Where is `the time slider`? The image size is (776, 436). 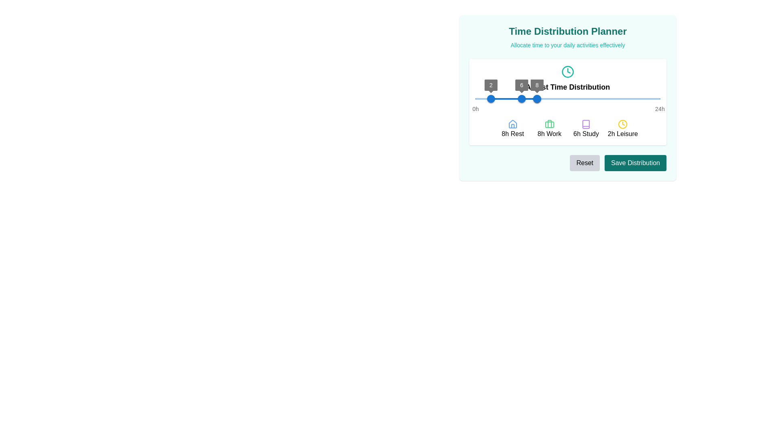 the time slider is located at coordinates (523, 99).